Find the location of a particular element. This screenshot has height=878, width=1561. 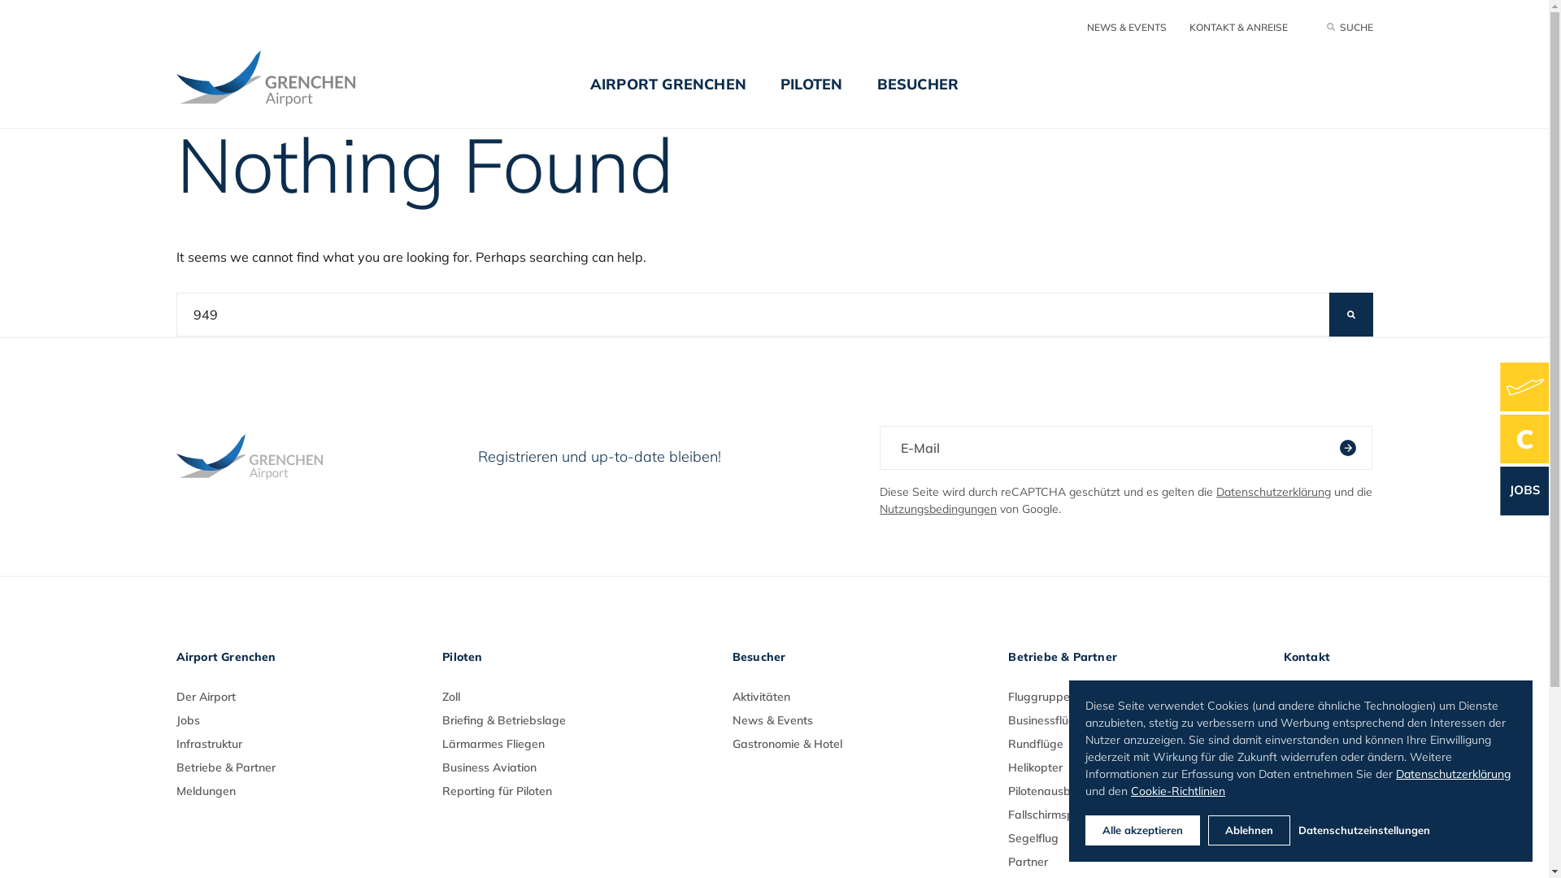

'NEWS & EVENTS' is located at coordinates (1125, 27).